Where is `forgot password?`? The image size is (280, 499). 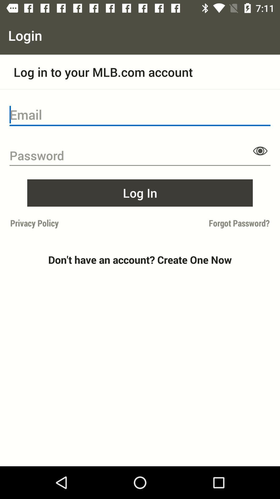 forgot password? is located at coordinates (206, 223).